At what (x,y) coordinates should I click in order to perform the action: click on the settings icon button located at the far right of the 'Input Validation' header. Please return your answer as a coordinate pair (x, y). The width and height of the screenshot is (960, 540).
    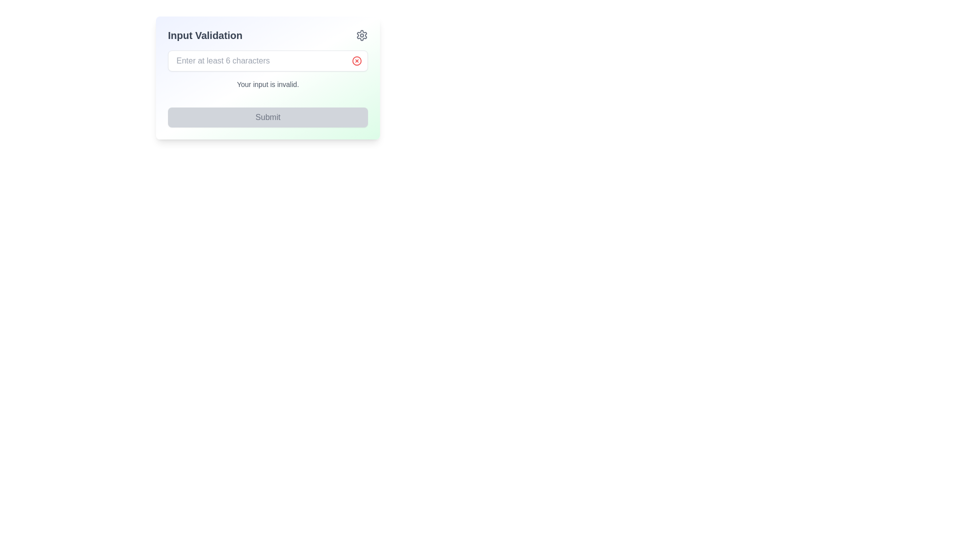
    Looking at the image, I should click on (361, 34).